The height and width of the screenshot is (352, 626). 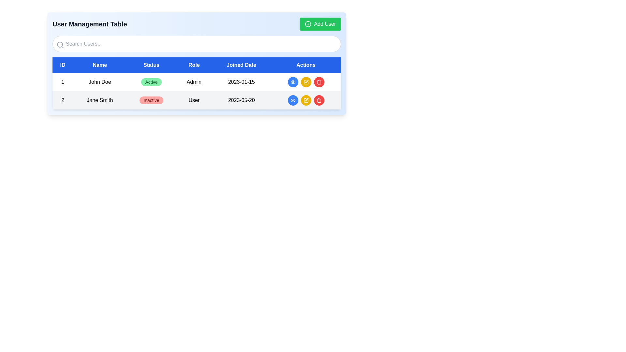 What do you see at coordinates (196, 91) in the screenshot?
I see `the first row of the user management table, which displays user information including ID, Name, Status, Role, Joined Date, and Actions` at bounding box center [196, 91].